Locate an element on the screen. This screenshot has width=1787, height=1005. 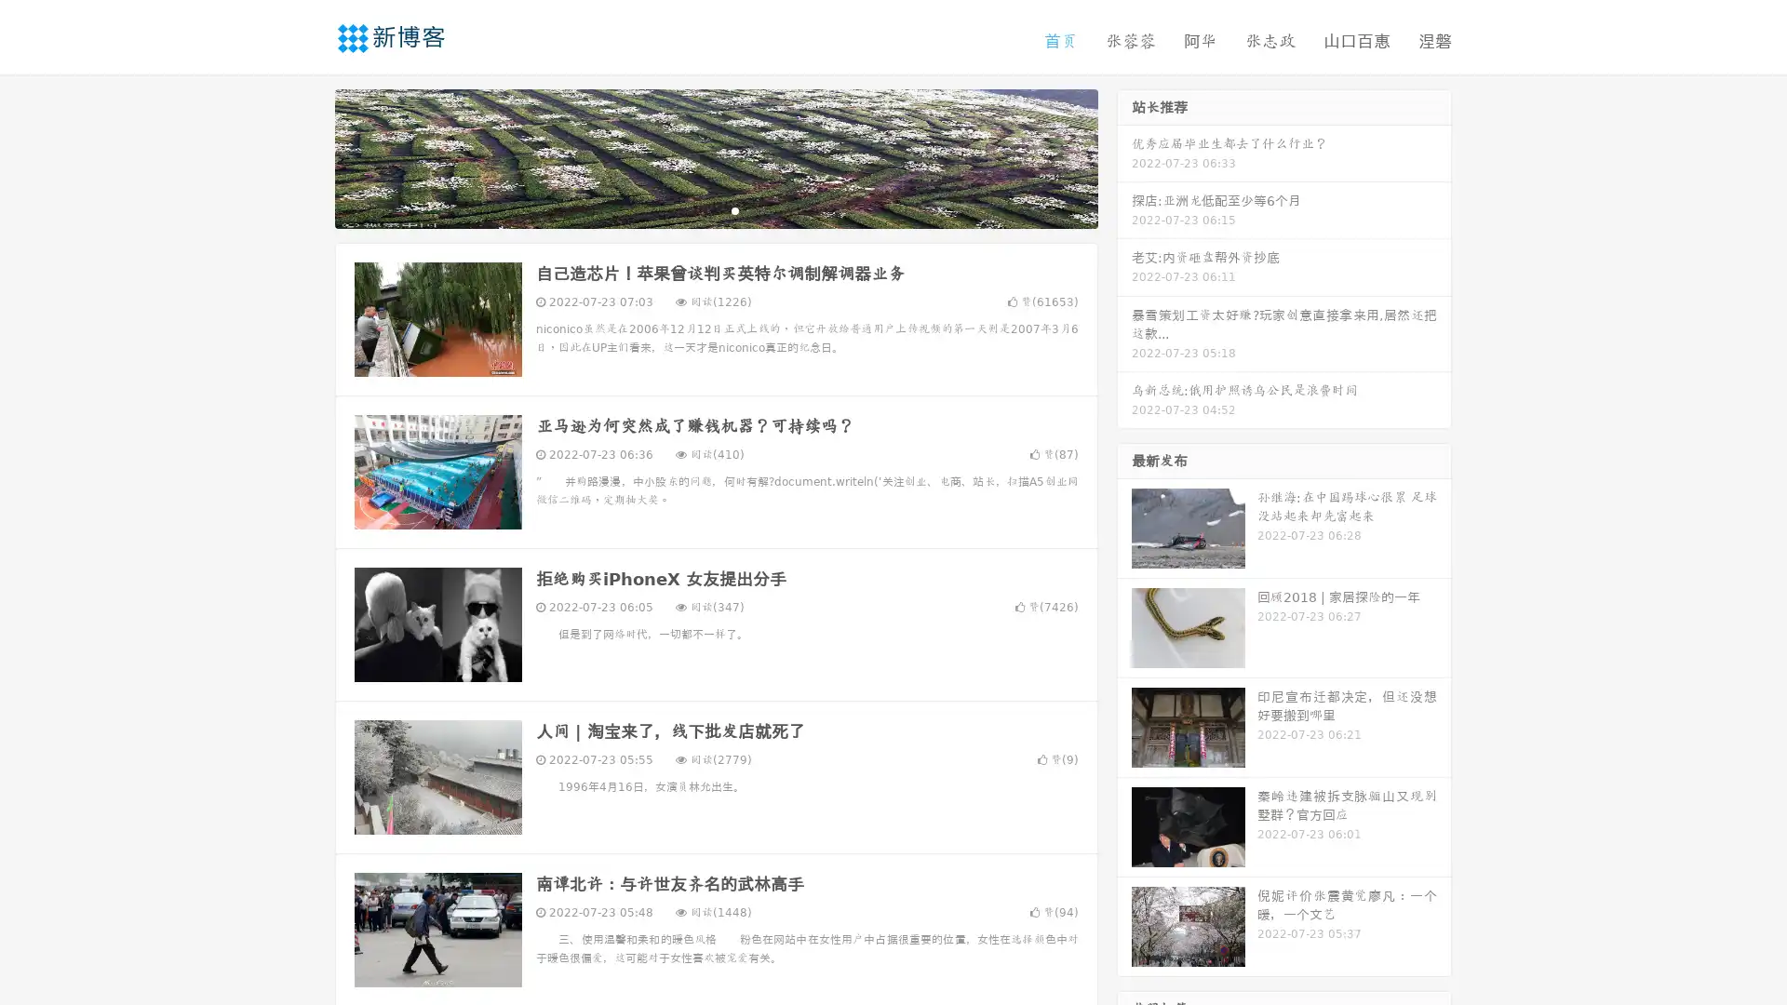
Go to slide 1 is located at coordinates (696, 209).